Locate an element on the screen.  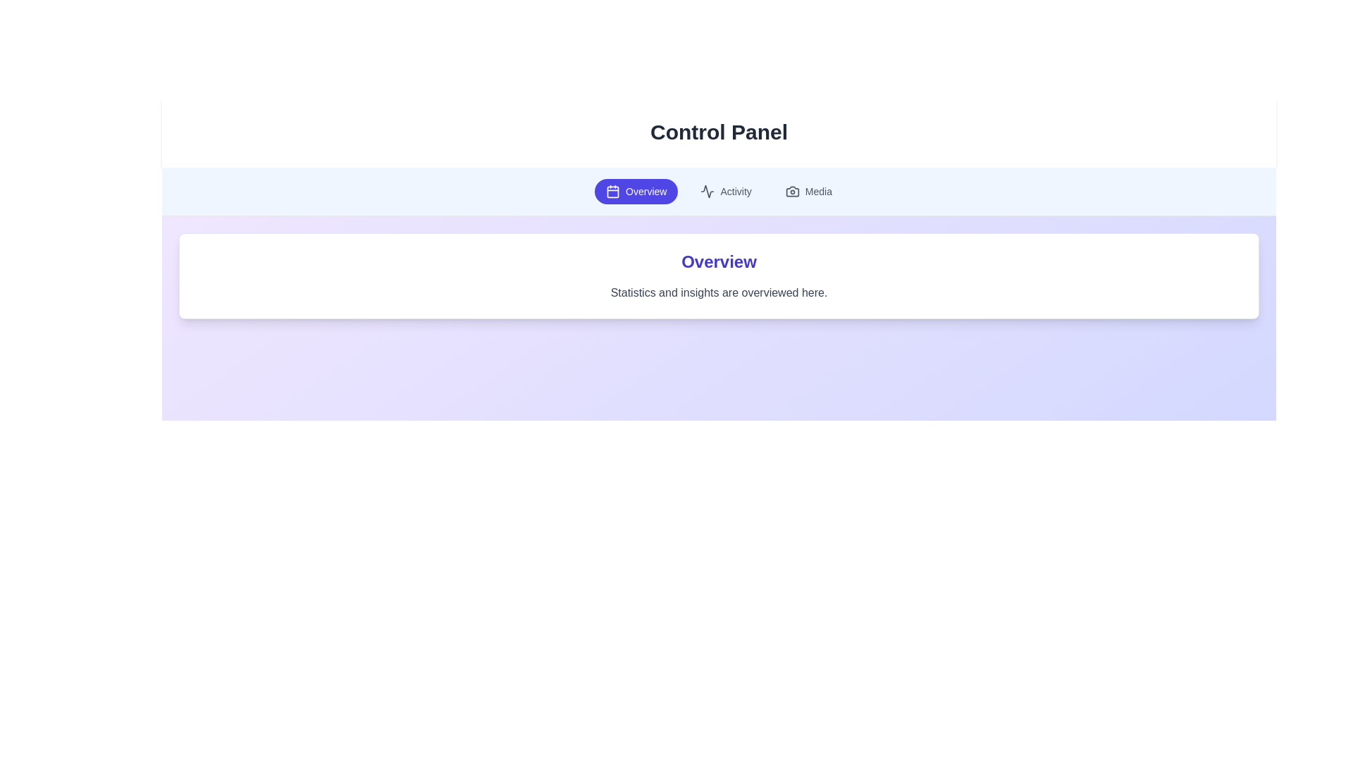
the 'Media' button, which is a full-width rounded button with a light gray text color and a camera icon on the left, located in the top navigation bar is located at coordinates (808, 192).